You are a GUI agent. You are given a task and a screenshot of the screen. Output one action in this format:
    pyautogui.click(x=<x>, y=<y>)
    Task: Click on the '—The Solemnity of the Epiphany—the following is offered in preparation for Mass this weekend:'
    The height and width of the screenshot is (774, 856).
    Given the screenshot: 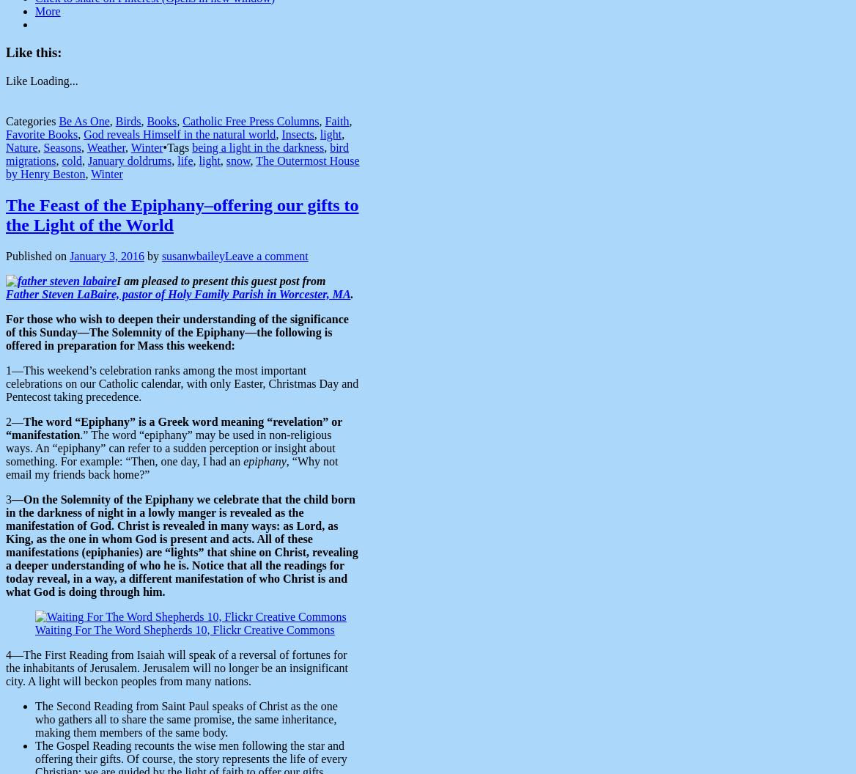 What is the action you would take?
    pyautogui.click(x=5, y=338)
    